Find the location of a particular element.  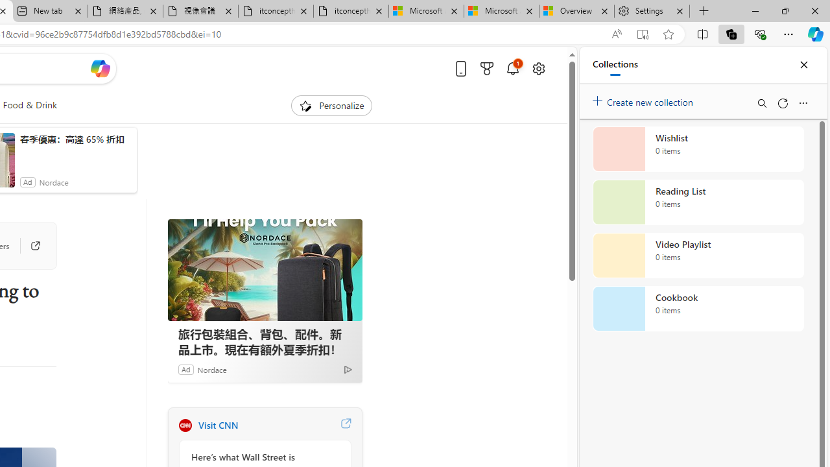

'Reading List collection, 0 items' is located at coordinates (698, 202).